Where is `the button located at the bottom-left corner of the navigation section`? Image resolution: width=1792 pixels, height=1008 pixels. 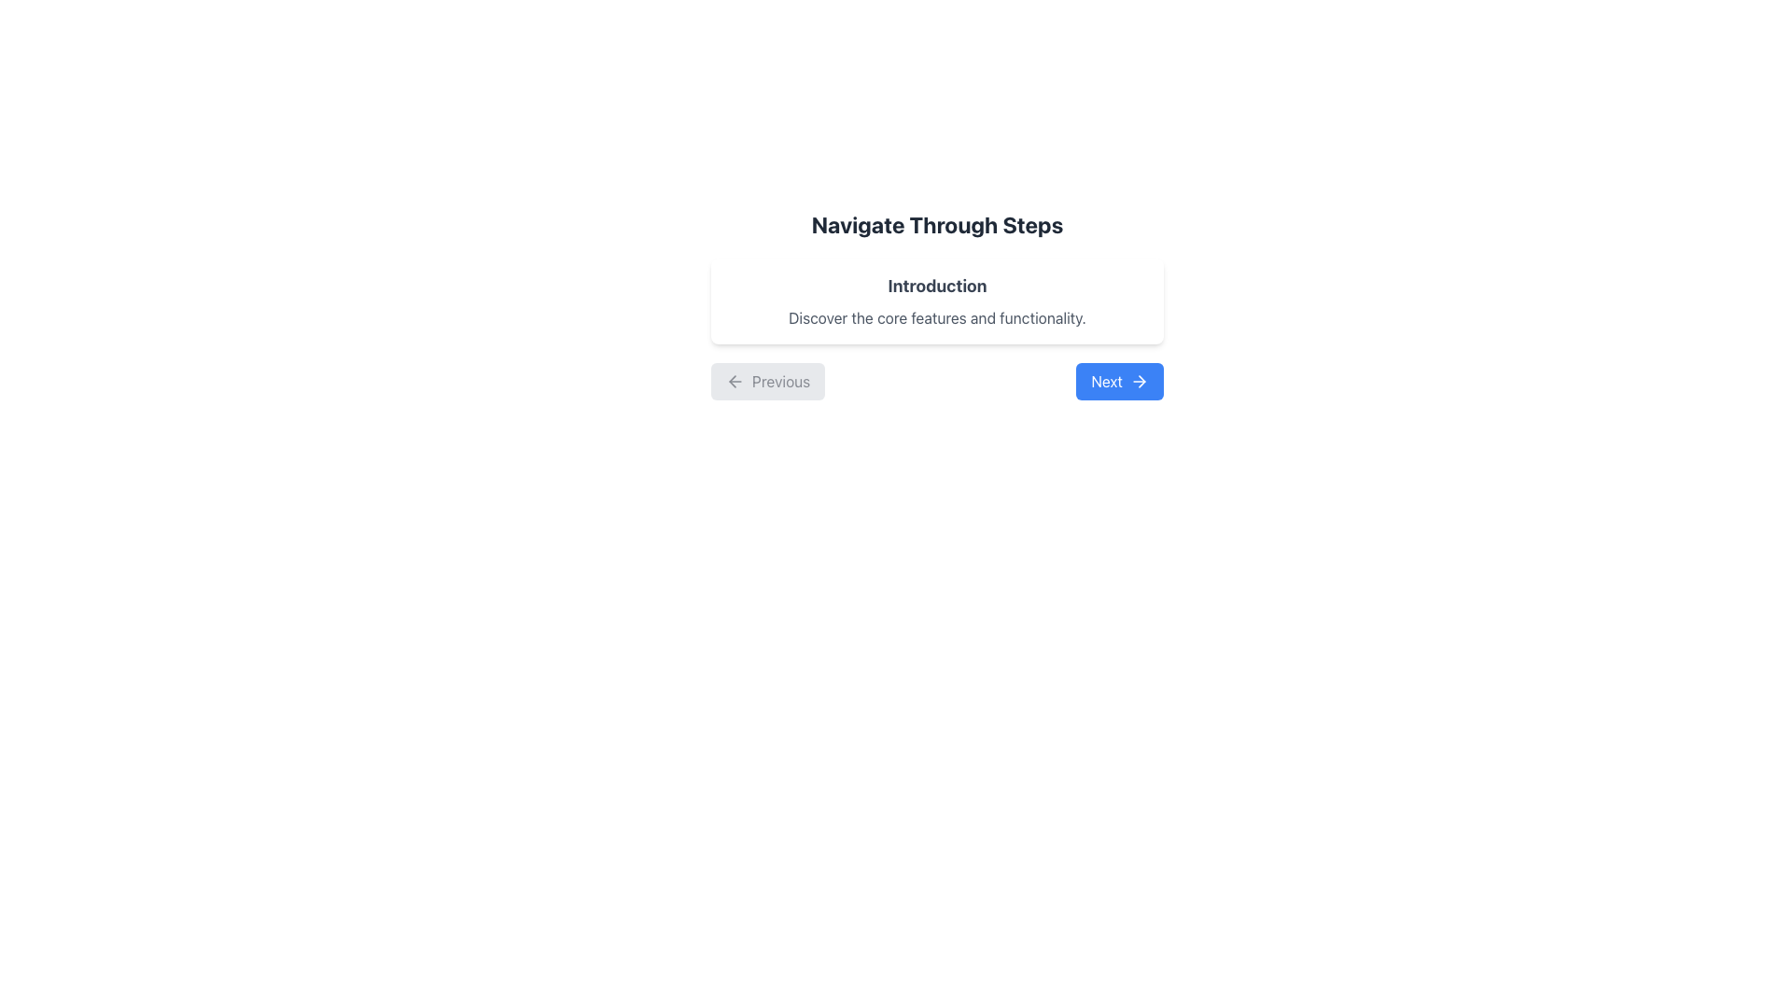 the button located at the bottom-left corner of the navigation section is located at coordinates (767, 380).